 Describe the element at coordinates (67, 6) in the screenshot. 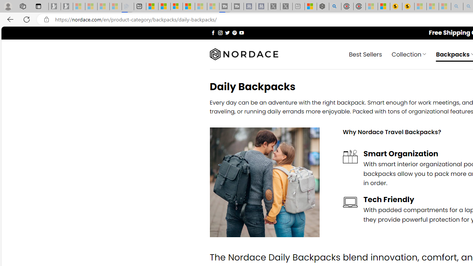

I see `'Newsletter Sign Up - Sleeping'` at that location.